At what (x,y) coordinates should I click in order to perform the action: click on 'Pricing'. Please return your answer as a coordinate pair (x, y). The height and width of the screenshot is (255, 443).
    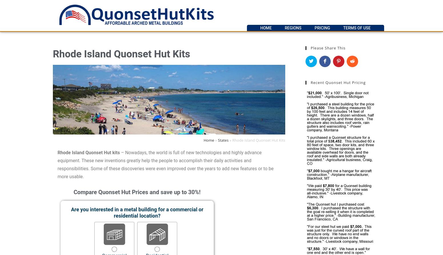
    Looking at the image, I should click on (322, 28).